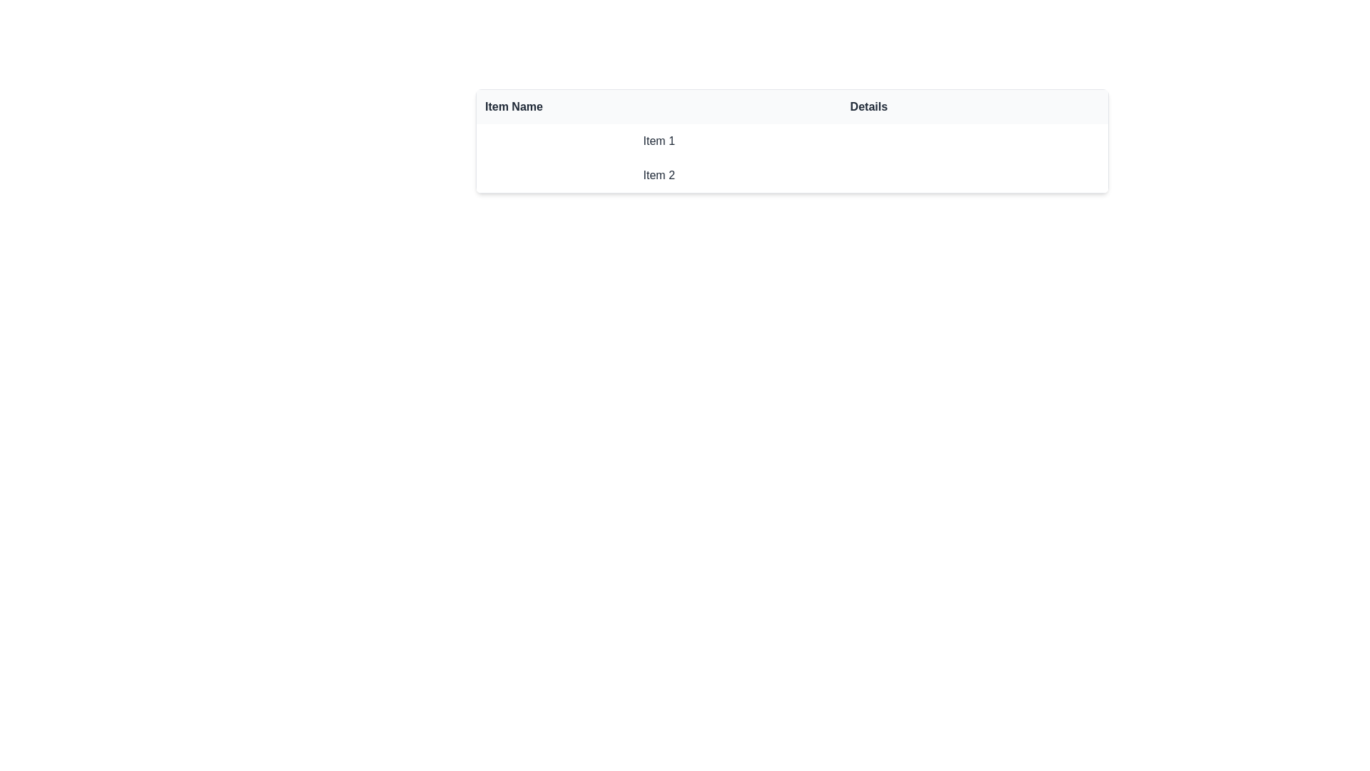 Image resolution: width=1370 pixels, height=771 pixels. I want to click on the textual list item labeled 'Item 2', which is styled with a cursor pointer and has hover effects that change the background color, so click(791, 175).